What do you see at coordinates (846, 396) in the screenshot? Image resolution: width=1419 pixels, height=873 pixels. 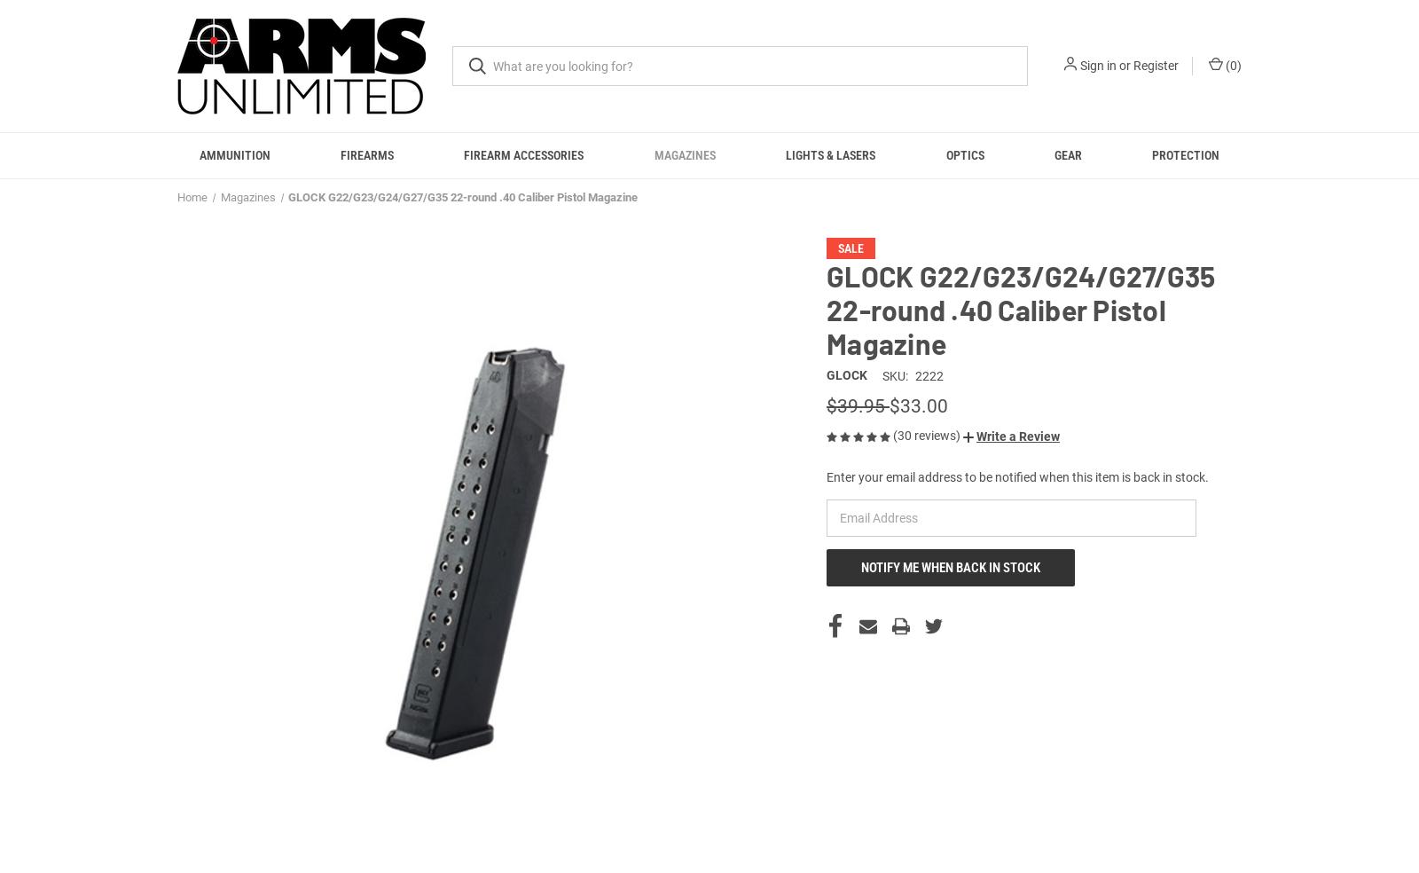 I see `'GLOCK'` at bounding box center [846, 396].